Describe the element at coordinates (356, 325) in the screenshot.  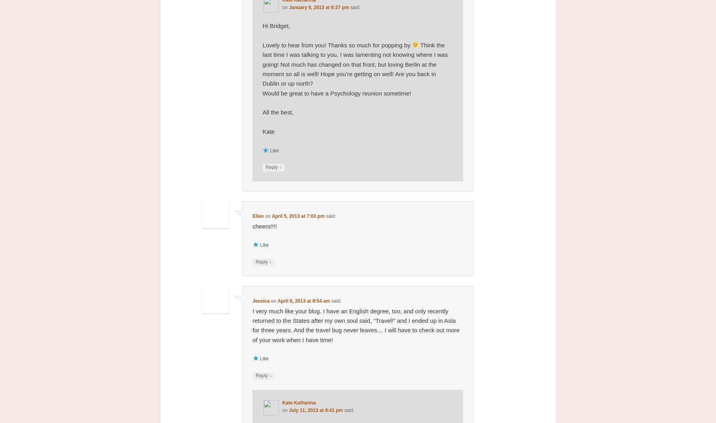
I see `'I very much like your blog. I have an English degree, too, and only recently returned to the States after my own soul said, “Travel!” and I ended up in Asia for three years. And the travel bug never leaves… I will have to check out more of your work when I have time!'` at that location.